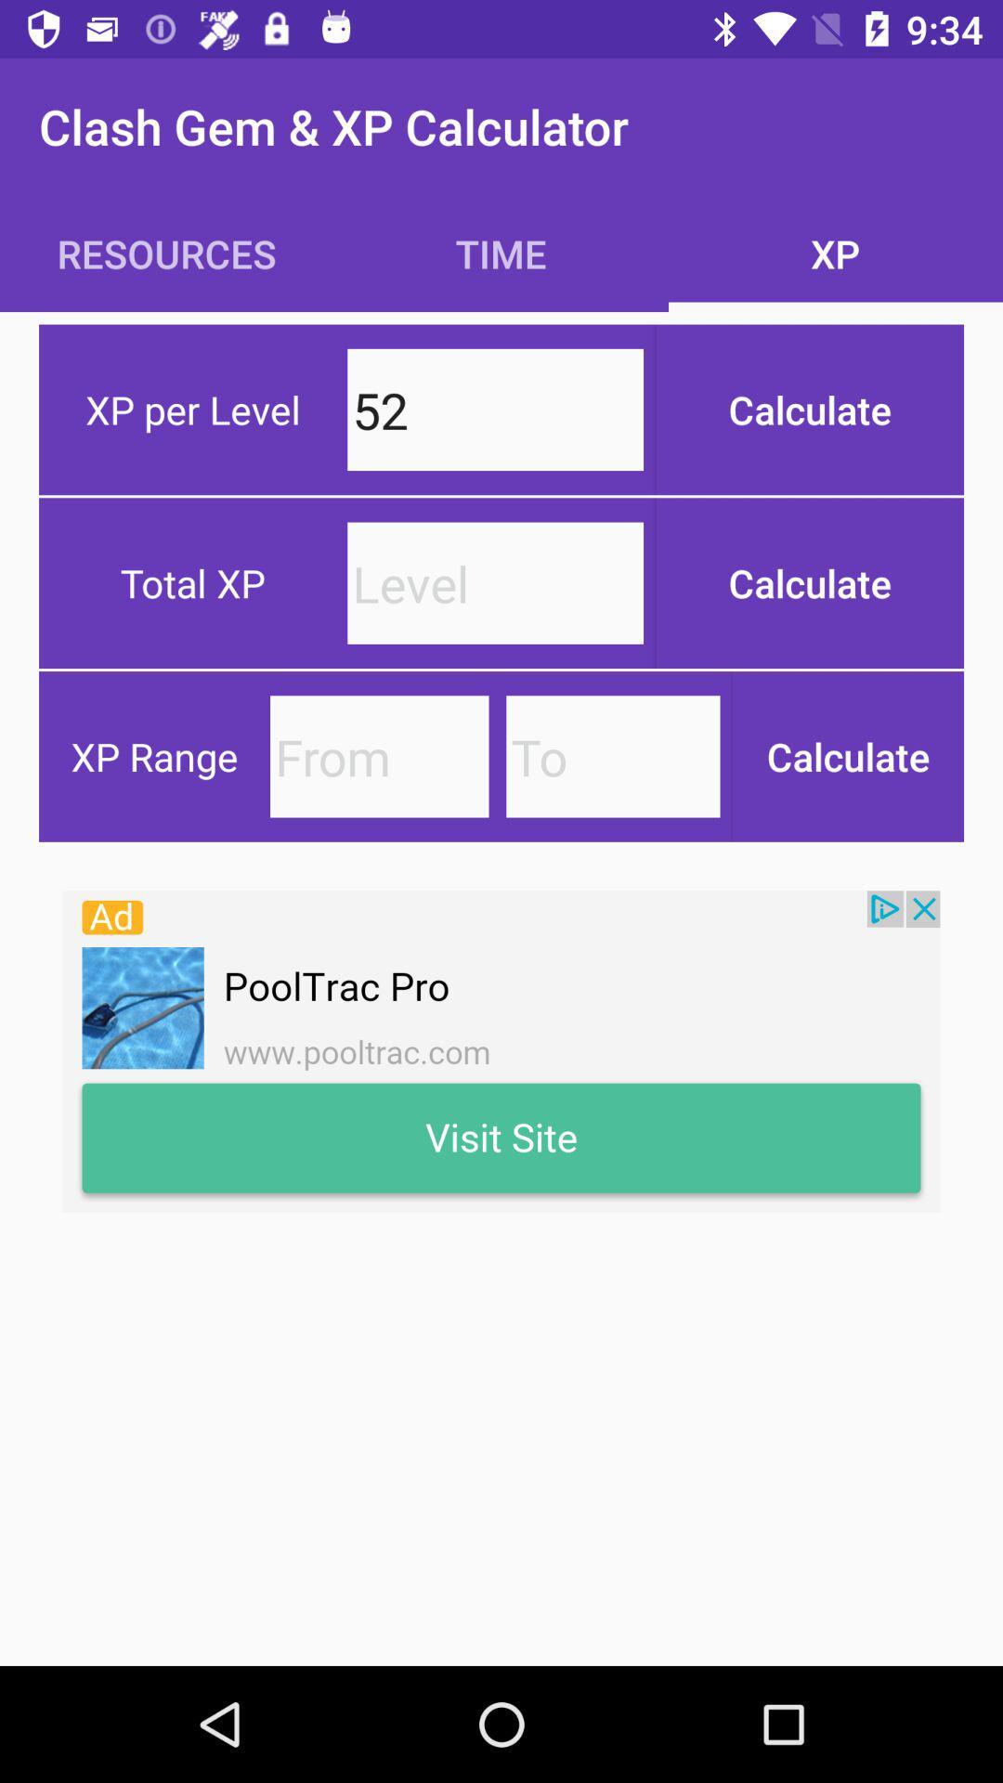  Describe the element at coordinates (494, 582) in the screenshot. I see `total xp value` at that location.